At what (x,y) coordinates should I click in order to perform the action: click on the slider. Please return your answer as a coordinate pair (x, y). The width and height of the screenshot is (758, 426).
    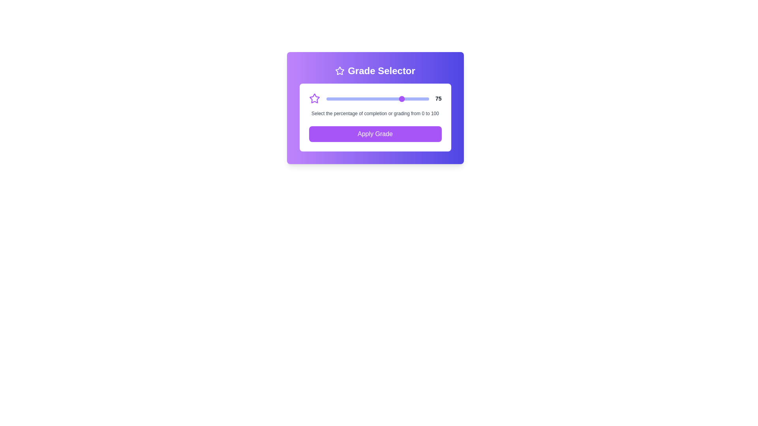
    Looking at the image, I should click on (388, 98).